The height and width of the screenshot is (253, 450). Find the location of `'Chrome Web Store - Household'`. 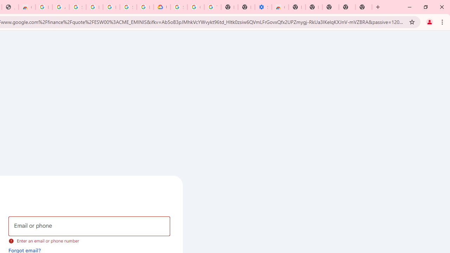

'Chrome Web Store - Household' is located at coordinates (27, 7).